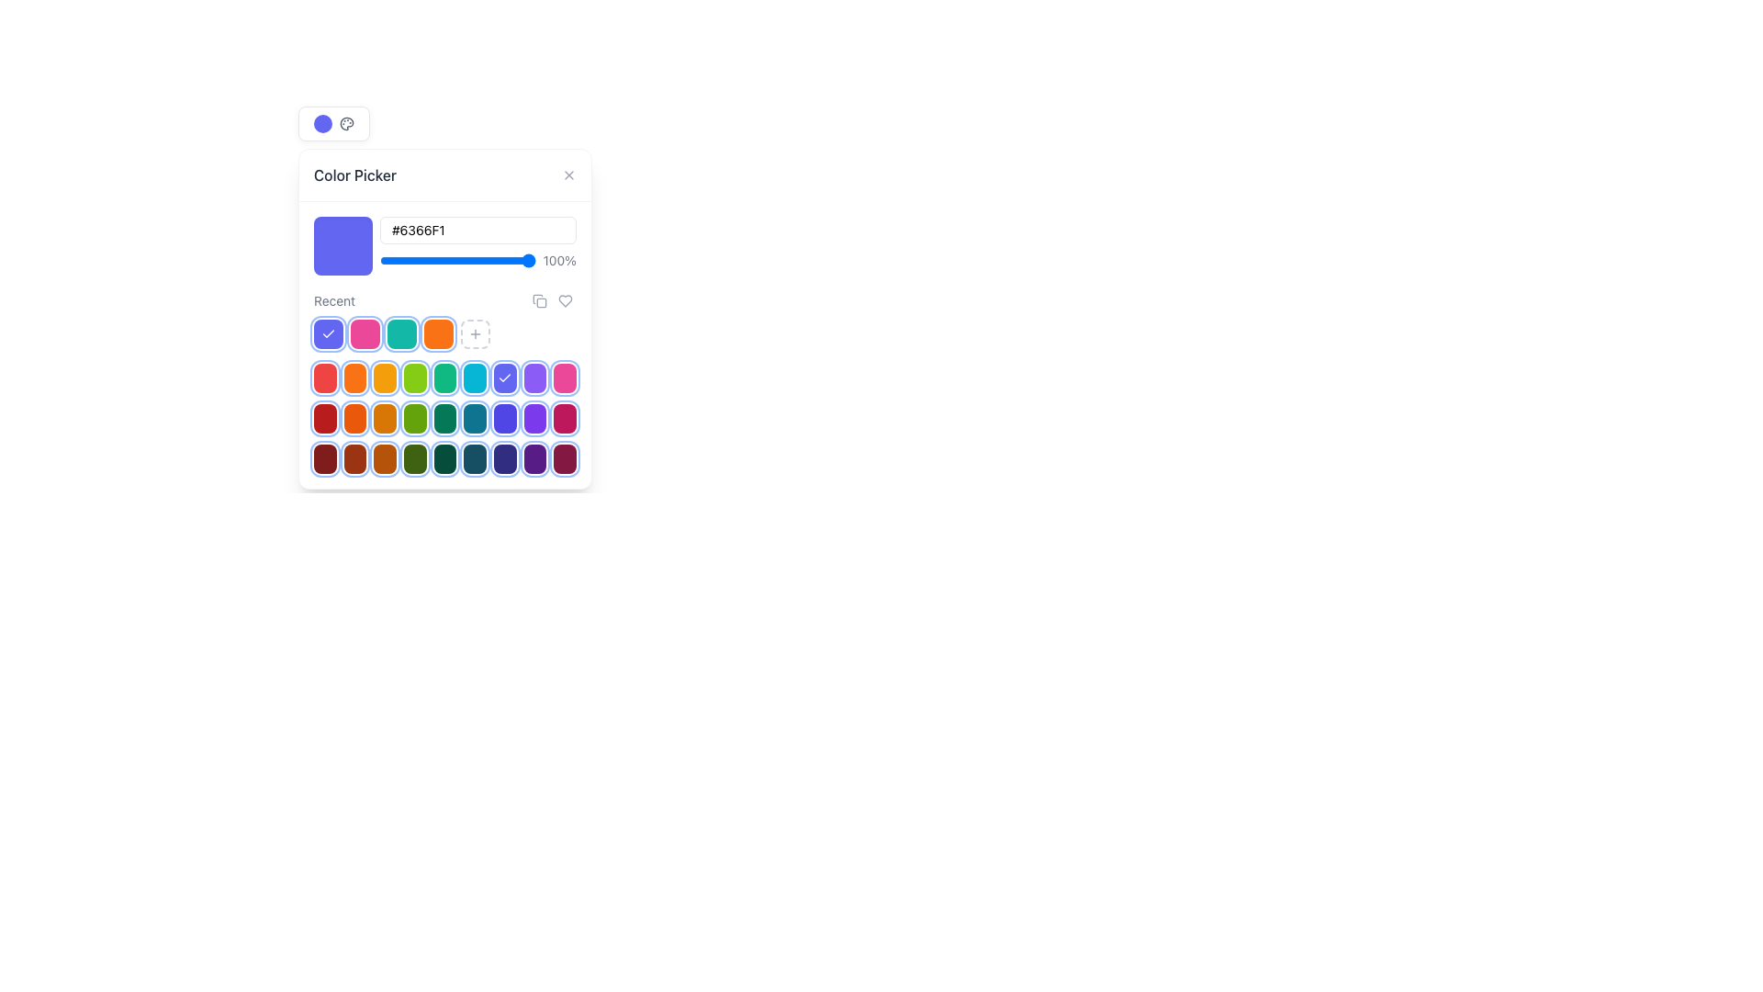  I want to click on the fifth selectable color button representing the green color in the second row of the color picker dialog to observe its scale transformation, so click(444, 378).